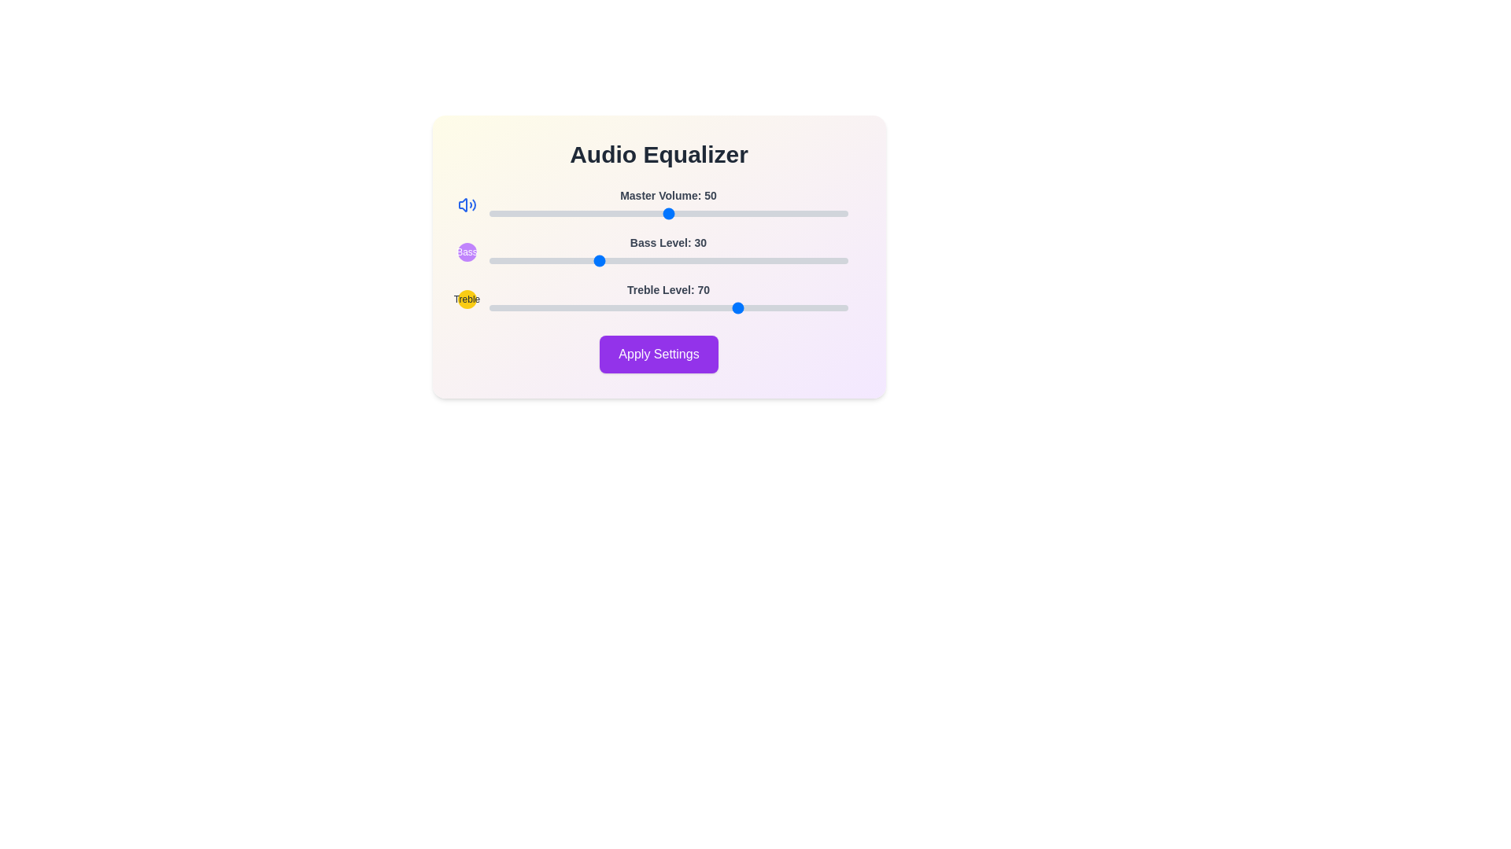  Describe the element at coordinates (739, 259) in the screenshot. I see `bass level` at that location.